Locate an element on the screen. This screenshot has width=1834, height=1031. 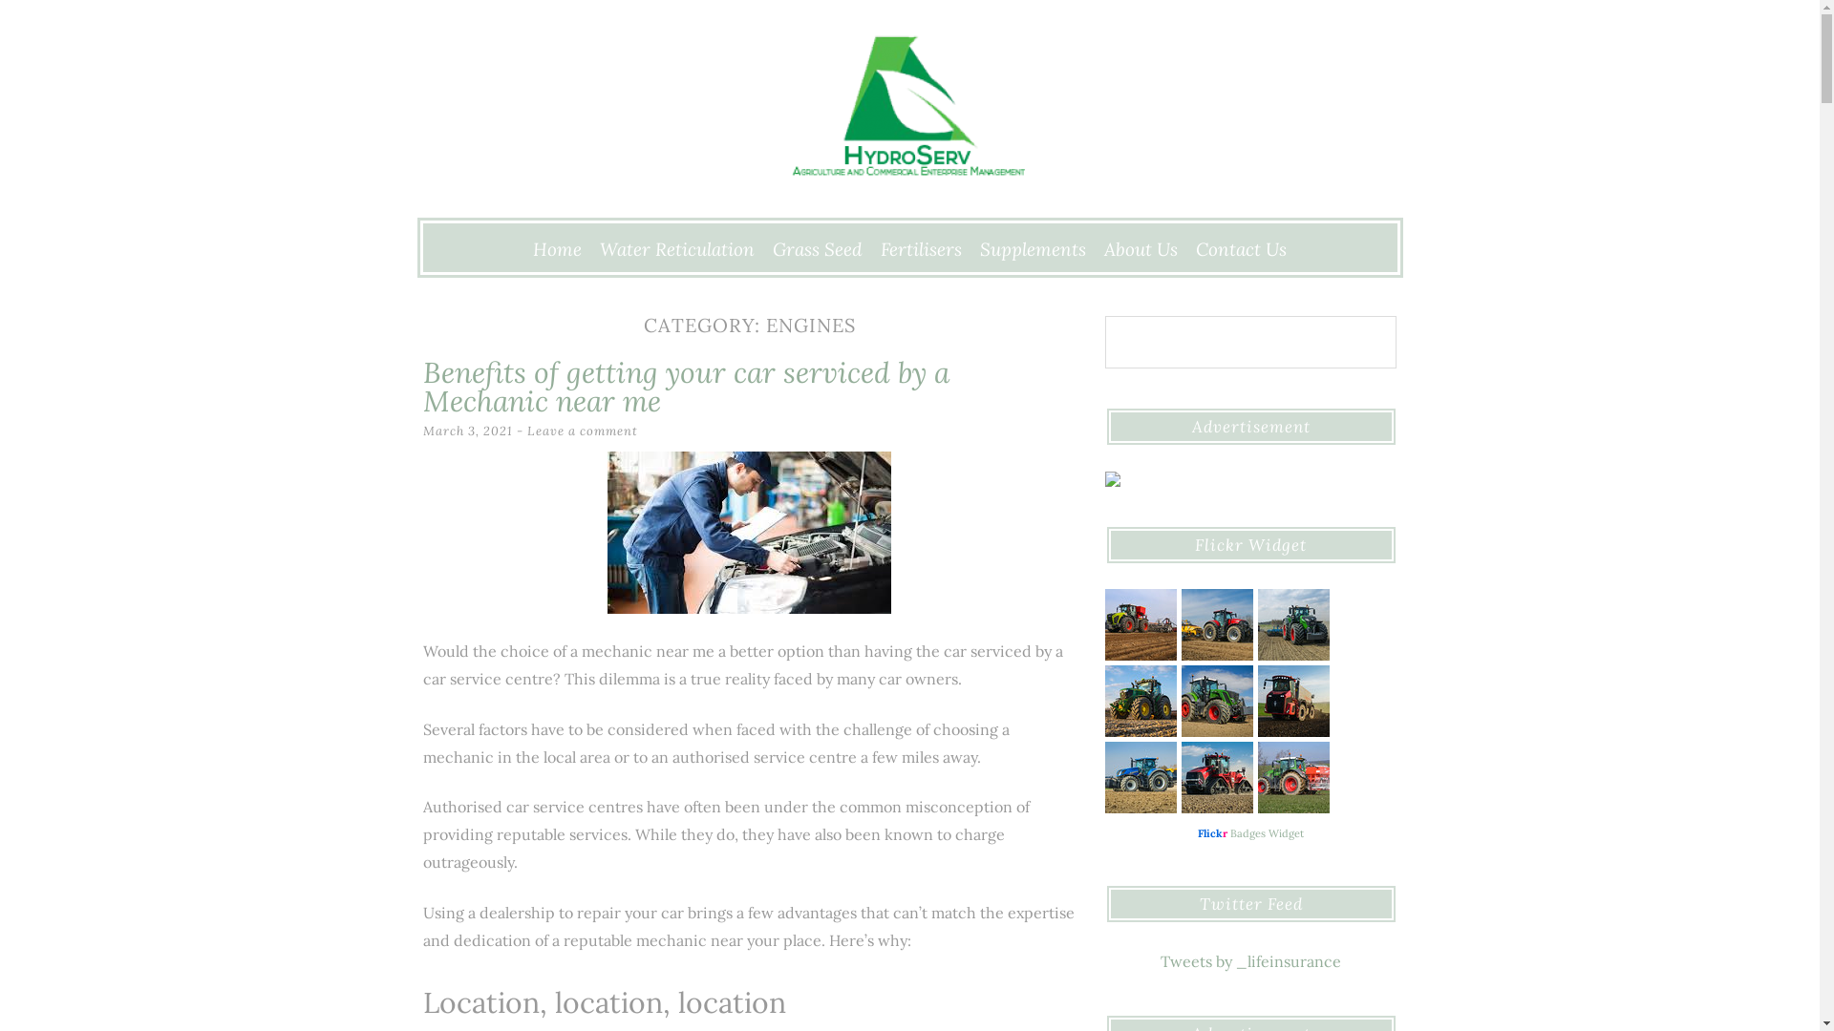
'Fertilizing Crops | FENDT // RAUCH' is located at coordinates (1292, 777).